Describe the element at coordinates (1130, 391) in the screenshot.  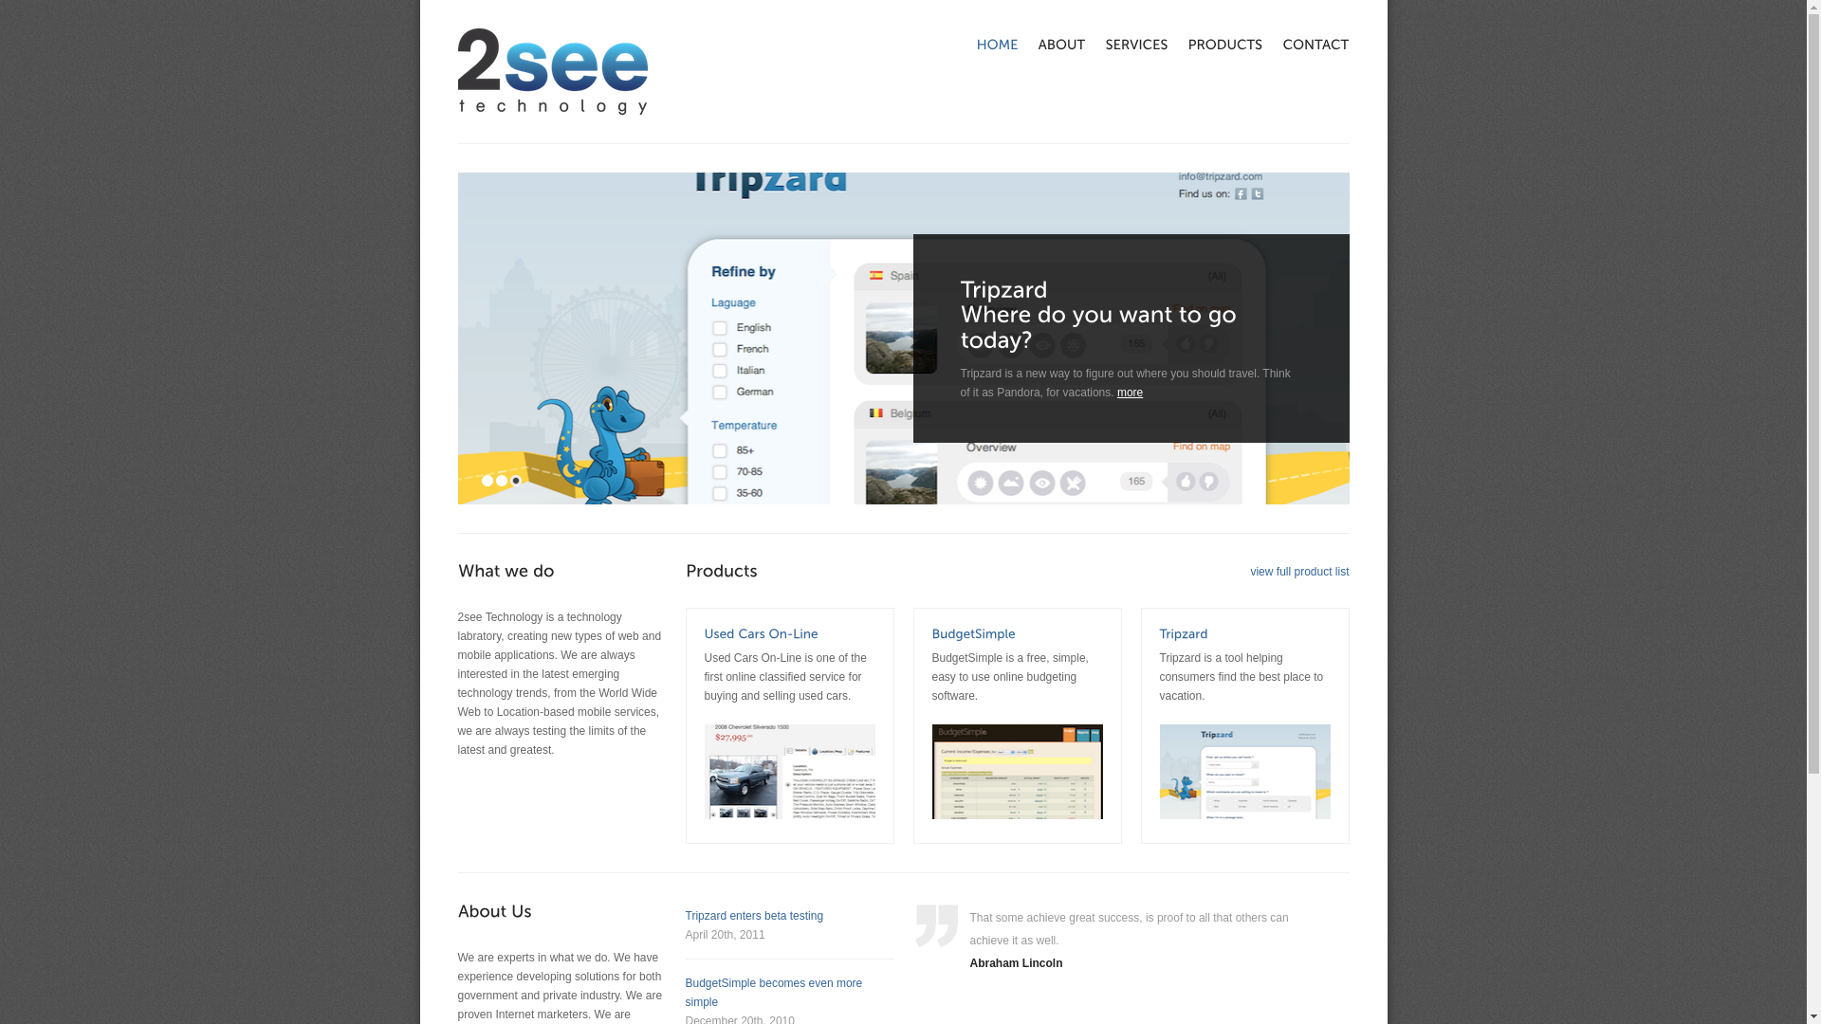
I see `'more'` at that location.